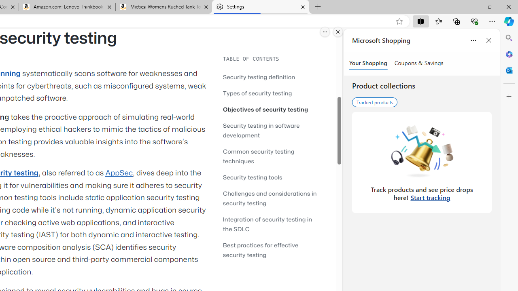 This screenshot has height=291, width=518. Describe the element at coordinates (258, 156) in the screenshot. I see `'Common security testing techniques'` at that location.